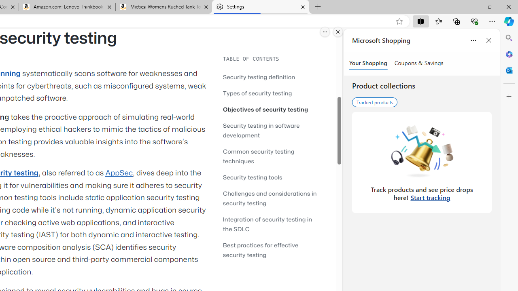 This screenshot has height=291, width=518. Describe the element at coordinates (258, 156) in the screenshot. I see `'Common security testing techniques'` at that location.